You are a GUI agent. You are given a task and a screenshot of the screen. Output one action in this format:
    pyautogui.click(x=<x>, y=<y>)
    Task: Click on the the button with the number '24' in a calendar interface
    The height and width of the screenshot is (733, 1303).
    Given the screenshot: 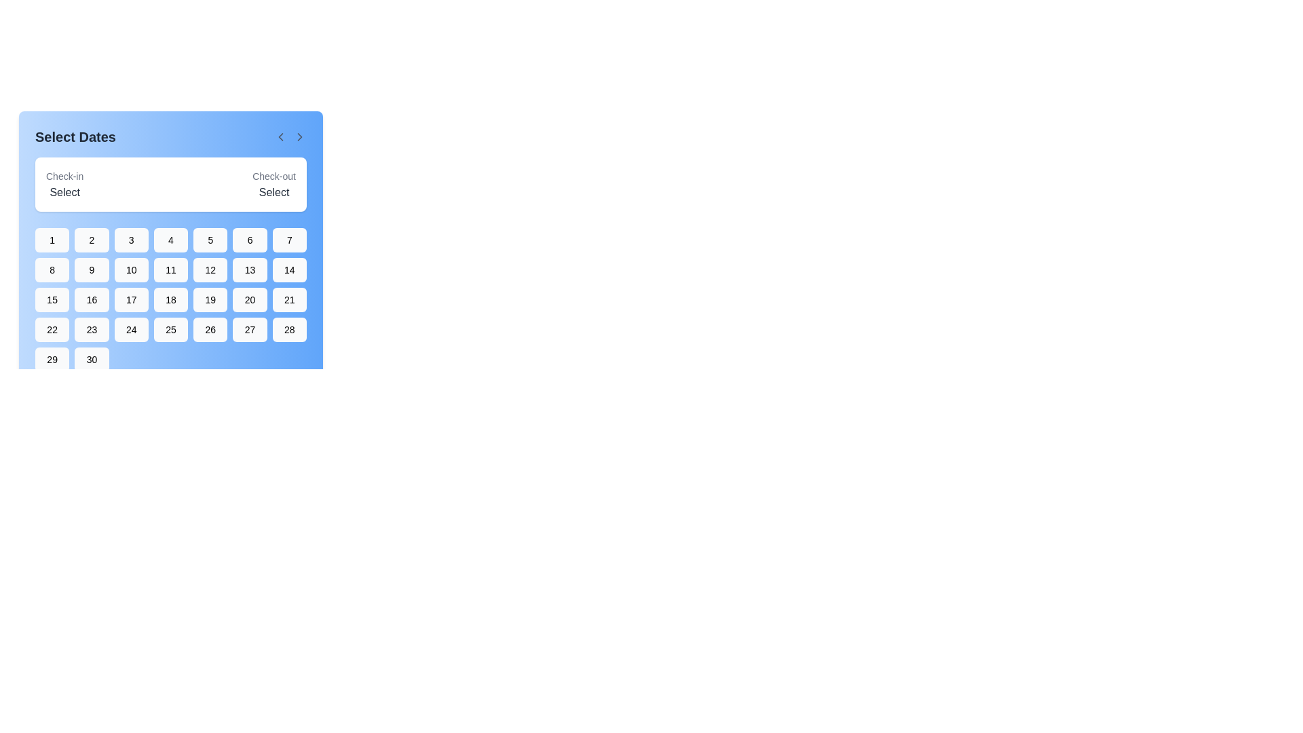 What is the action you would take?
    pyautogui.click(x=131, y=330)
    